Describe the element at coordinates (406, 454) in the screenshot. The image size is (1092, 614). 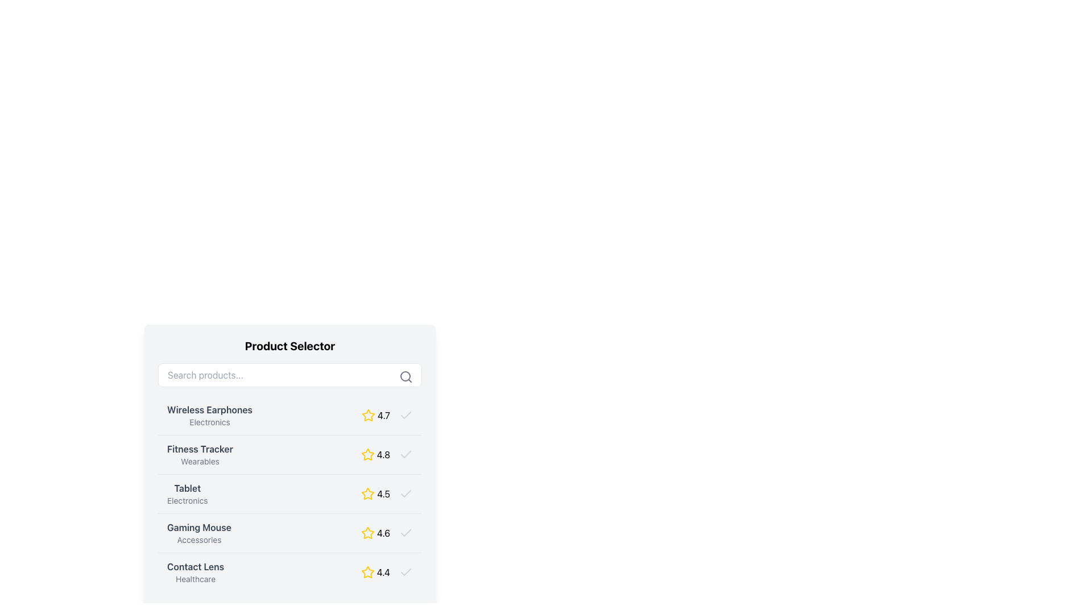
I see `the Small graphical icon (checkmark) indicating confirmation for the 'Fitness Tracker' product by using keyboard navigation` at that location.